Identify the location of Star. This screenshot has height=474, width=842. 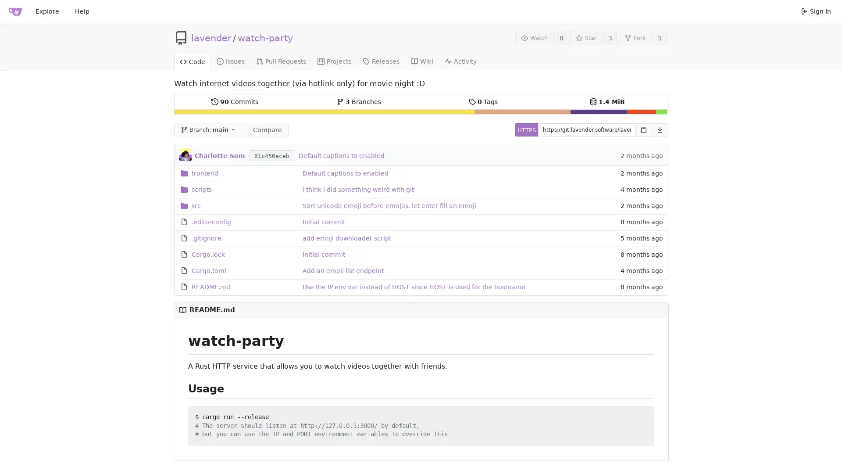
(586, 37).